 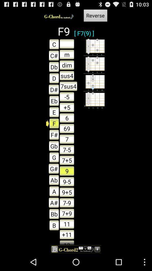 What do you see at coordinates (67, 139) in the screenshot?
I see `the button which is above the 75` at bounding box center [67, 139].